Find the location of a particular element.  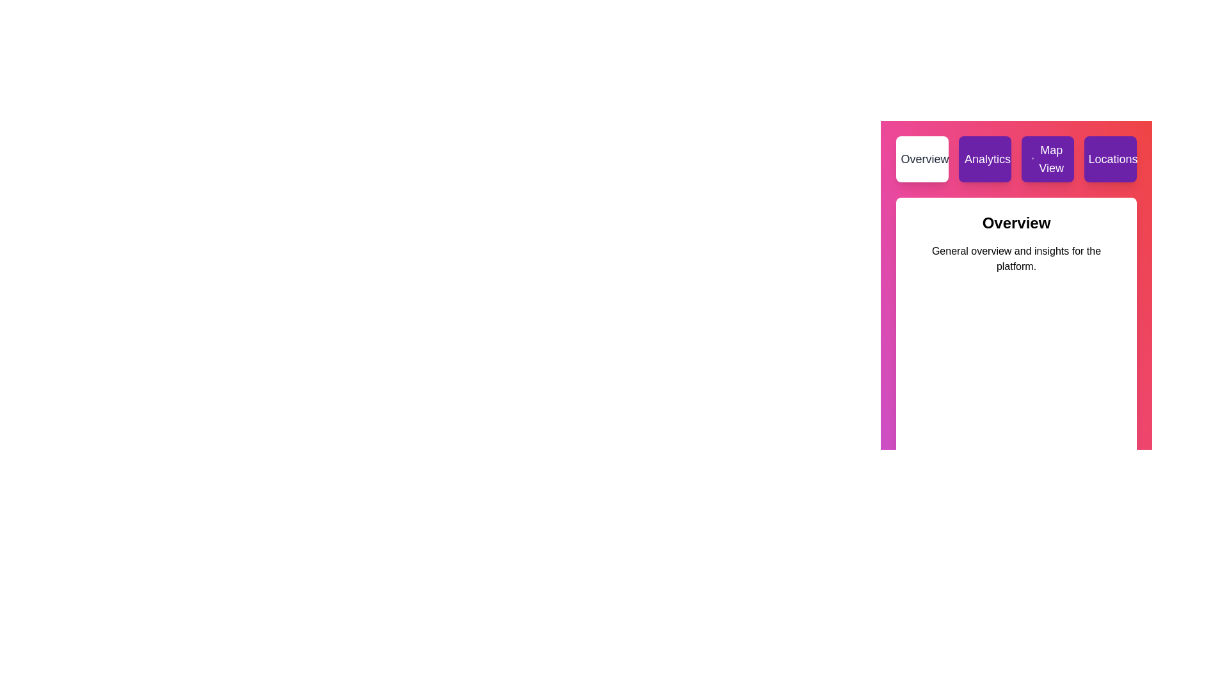

the 'Map View' icon located in the top navigation bar, which is the first visual item on the left side of the button, preceding the text label is located at coordinates (1032, 159).